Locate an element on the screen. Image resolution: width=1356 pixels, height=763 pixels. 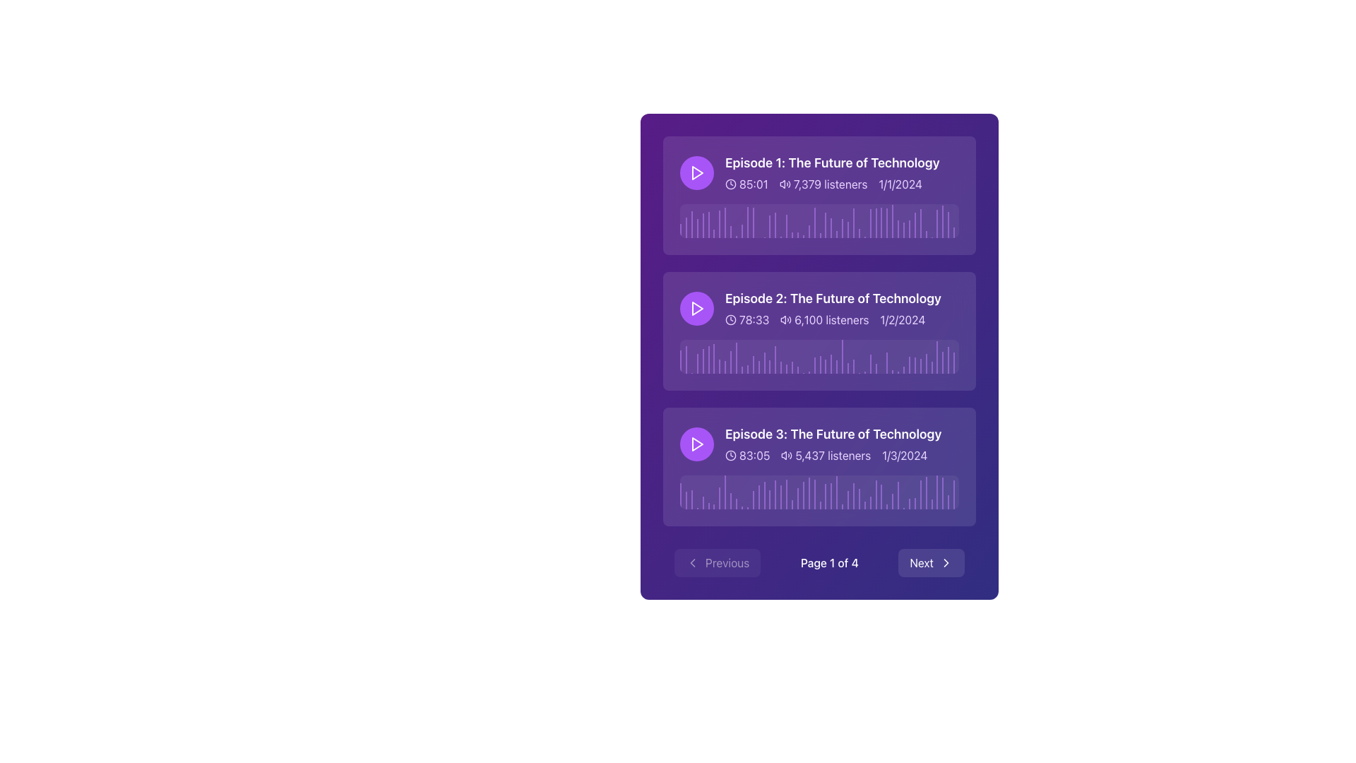
the 44th vertical purple line of the progress indicator marker within the waveform representation of the first episode is located at coordinates (926, 233).